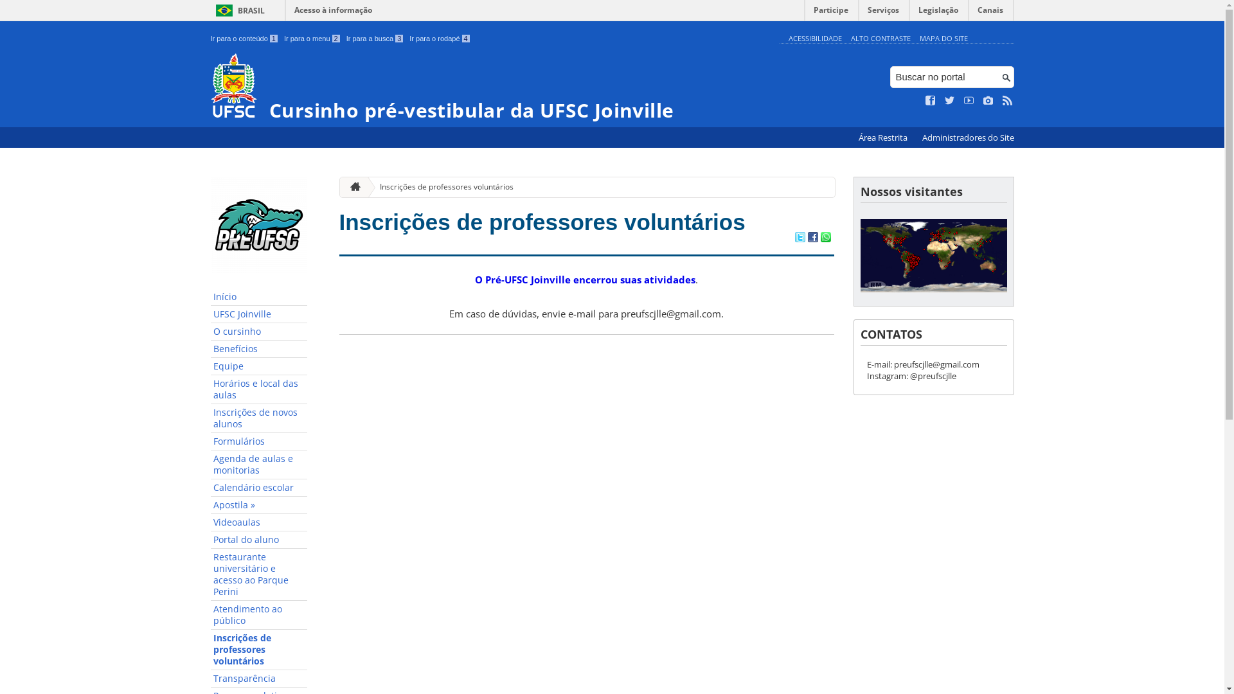 The height and width of the screenshot is (694, 1234). What do you see at coordinates (258, 314) in the screenshot?
I see `'UFSC Joinville'` at bounding box center [258, 314].